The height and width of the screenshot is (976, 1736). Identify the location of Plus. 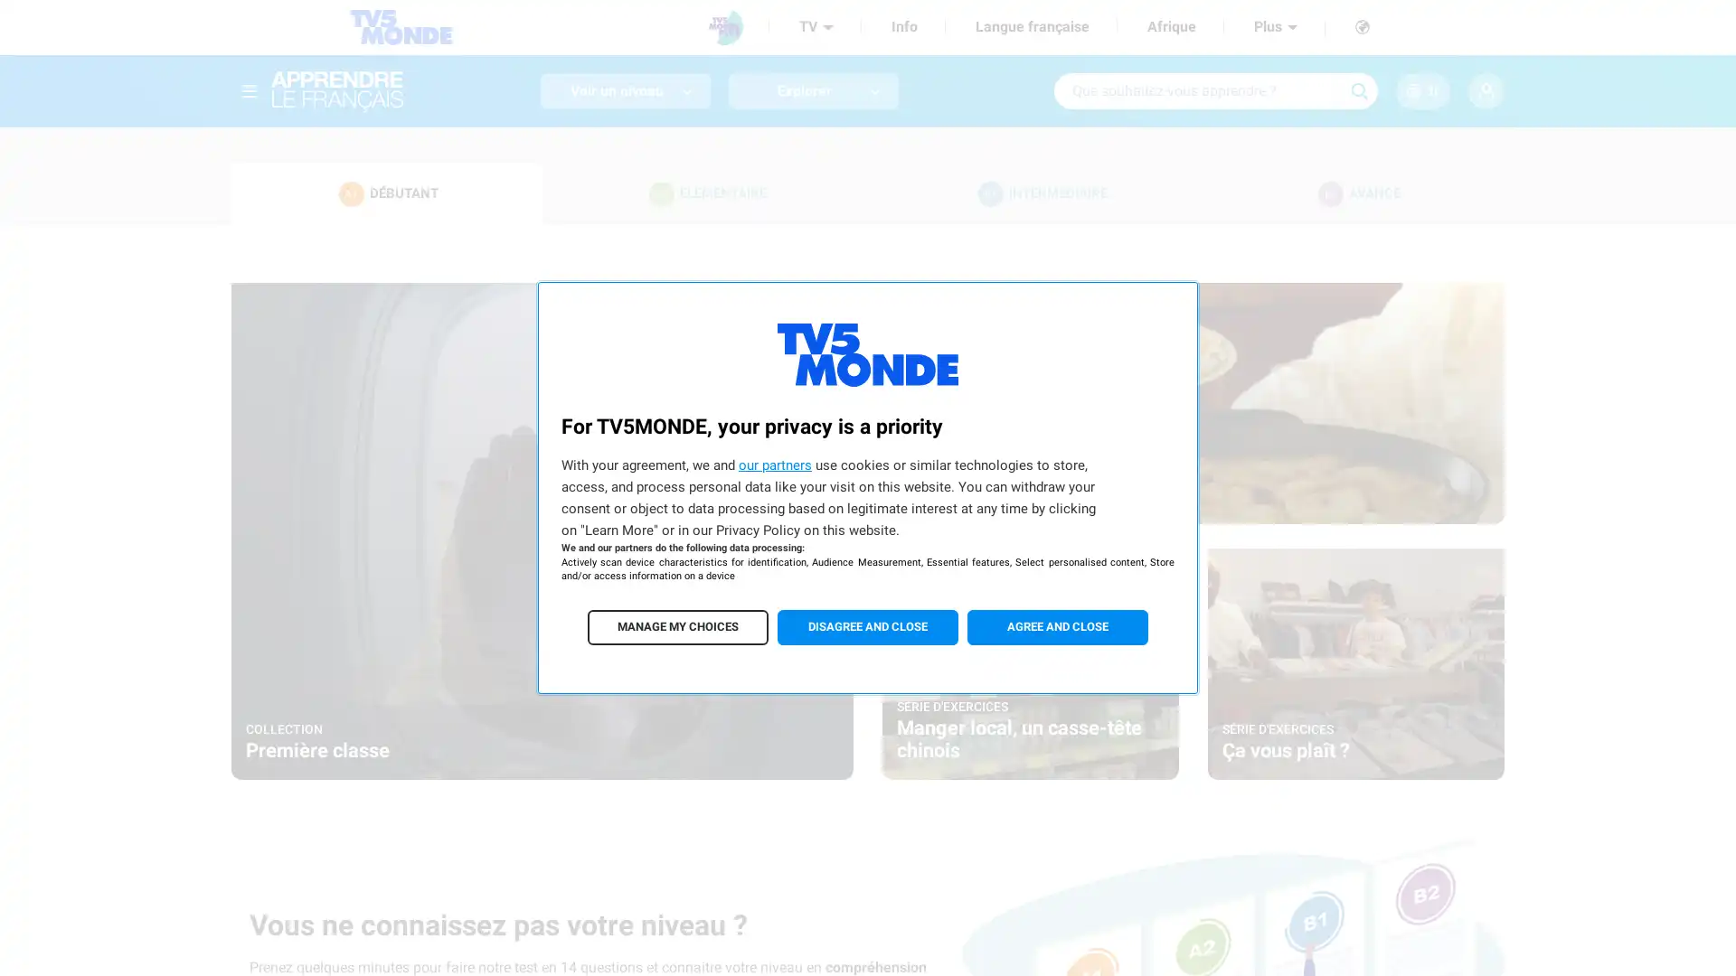
(1274, 26).